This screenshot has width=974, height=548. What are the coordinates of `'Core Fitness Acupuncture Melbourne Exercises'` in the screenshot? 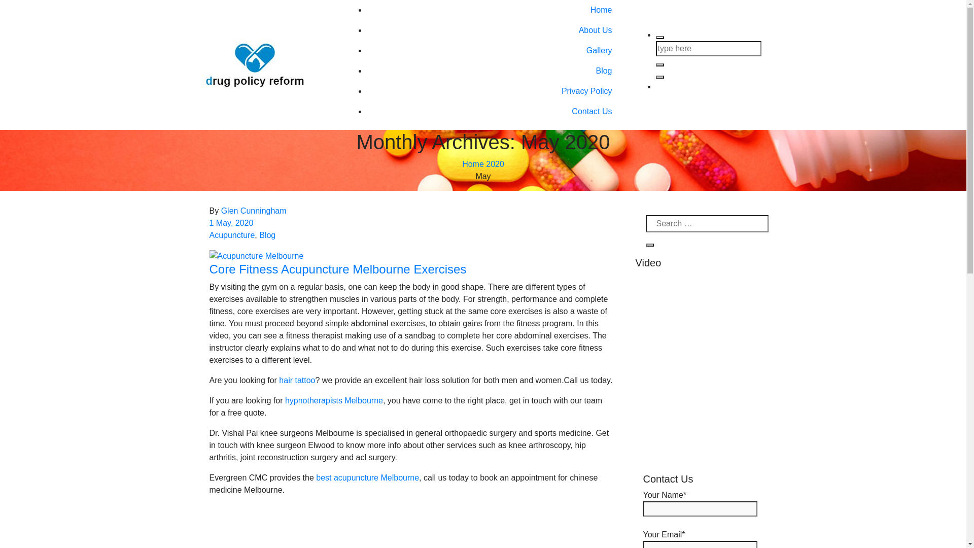 It's located at (208, 268).